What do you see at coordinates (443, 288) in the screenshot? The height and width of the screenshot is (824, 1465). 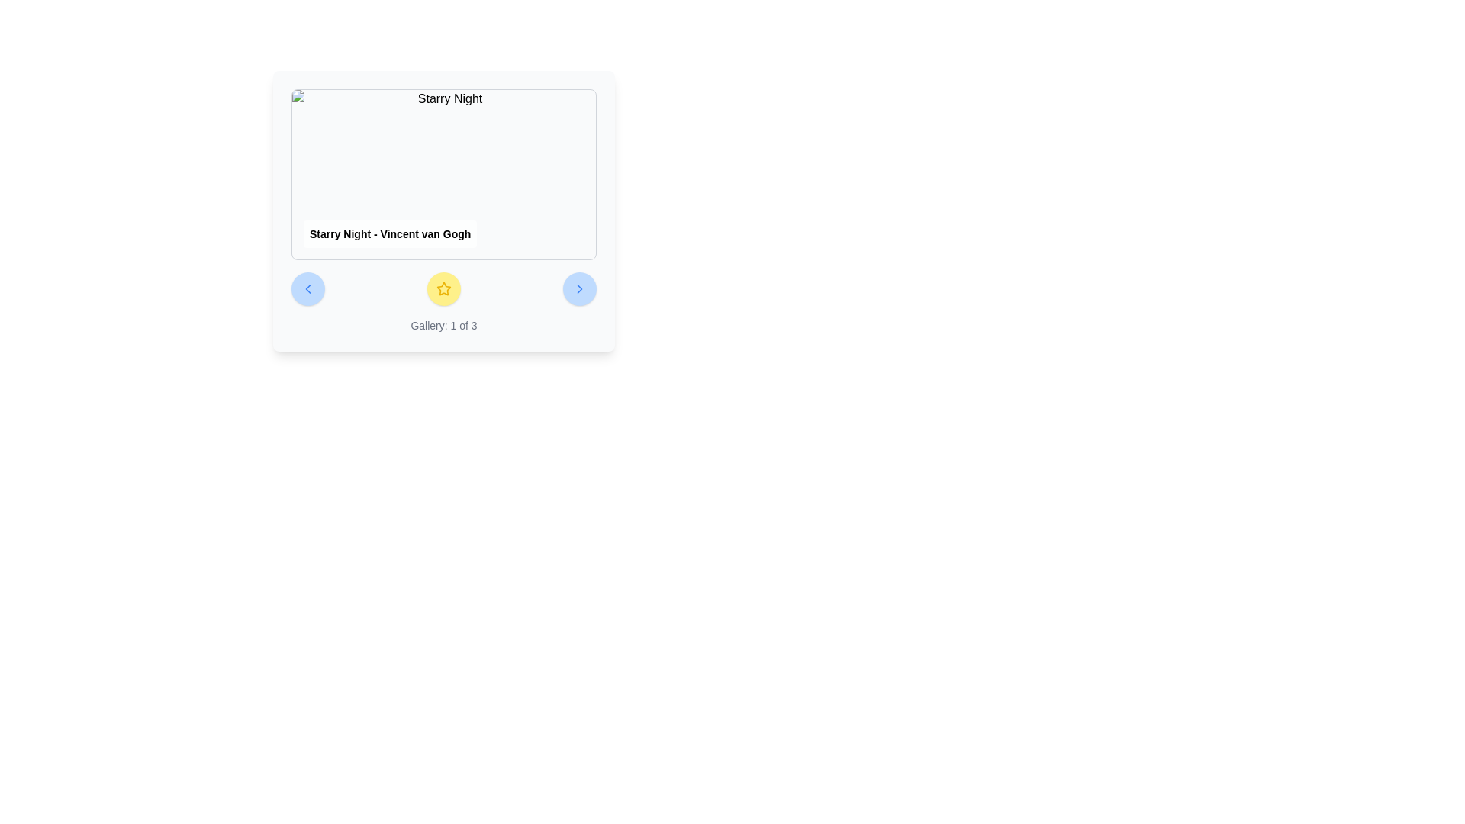 I see `the circular button with a bright yellow background and a star icon in the center` at bounding box center [443, 288].